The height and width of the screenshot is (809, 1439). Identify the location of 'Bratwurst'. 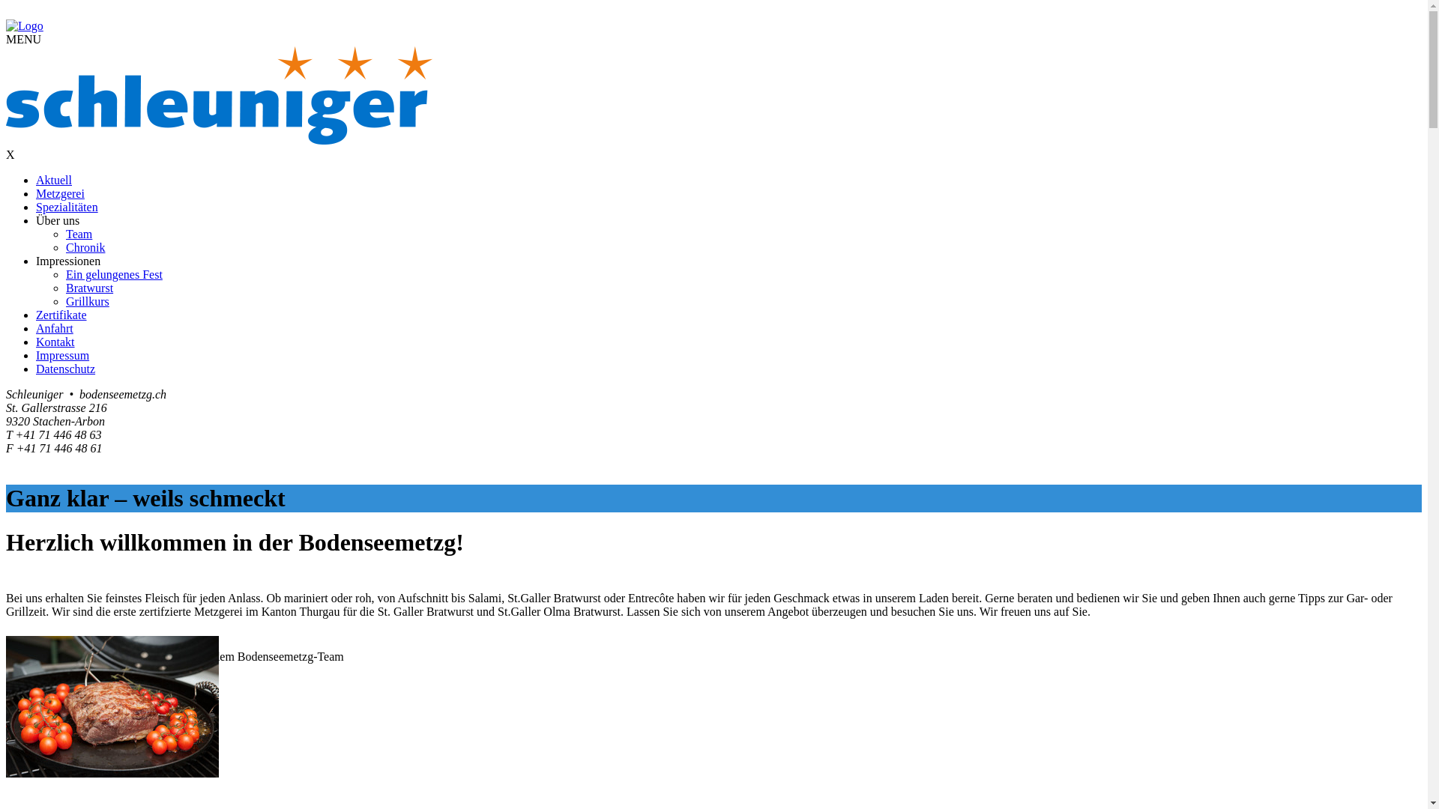
(88, 288).